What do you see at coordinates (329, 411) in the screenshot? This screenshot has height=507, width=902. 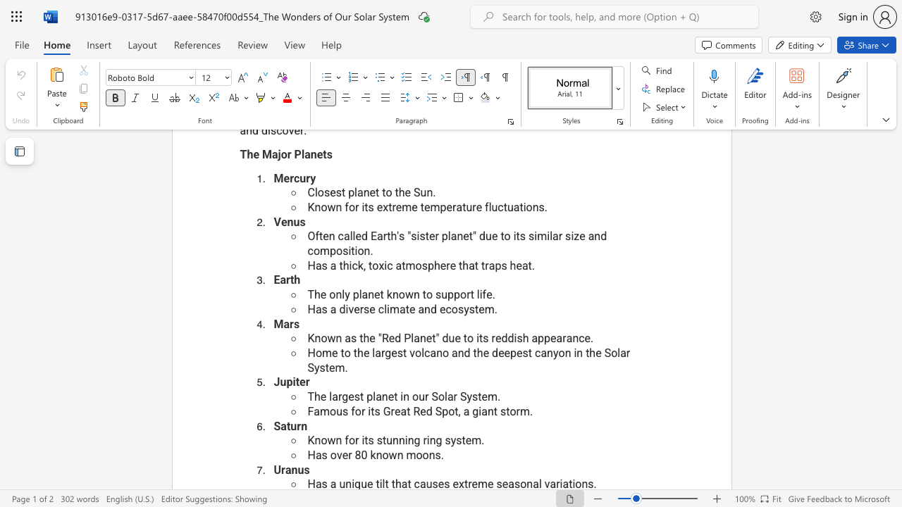 I see `the subset text "ous for its Grea" within the text "Famous for its Great Red Spot, a giant storm."` at bounding box center [329, 411].